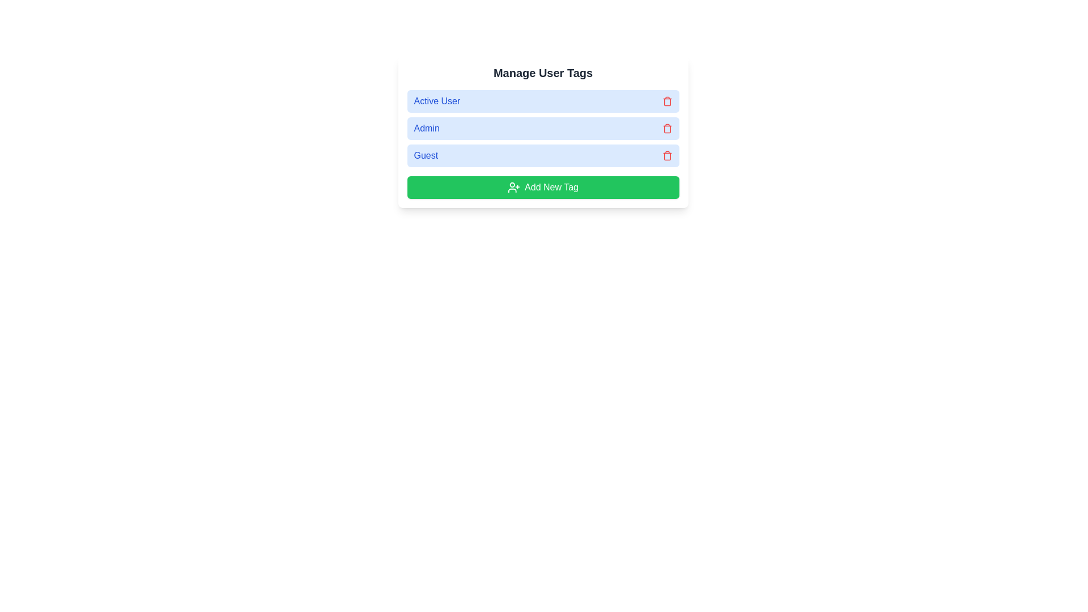 The image size is (1088, 612). Describe the element at coordinates (667, 155) in the screenshot. I see `the red trash can icon button located near the right end of the 'Guest' label row in the 'Manage User Tags' section` at that location.